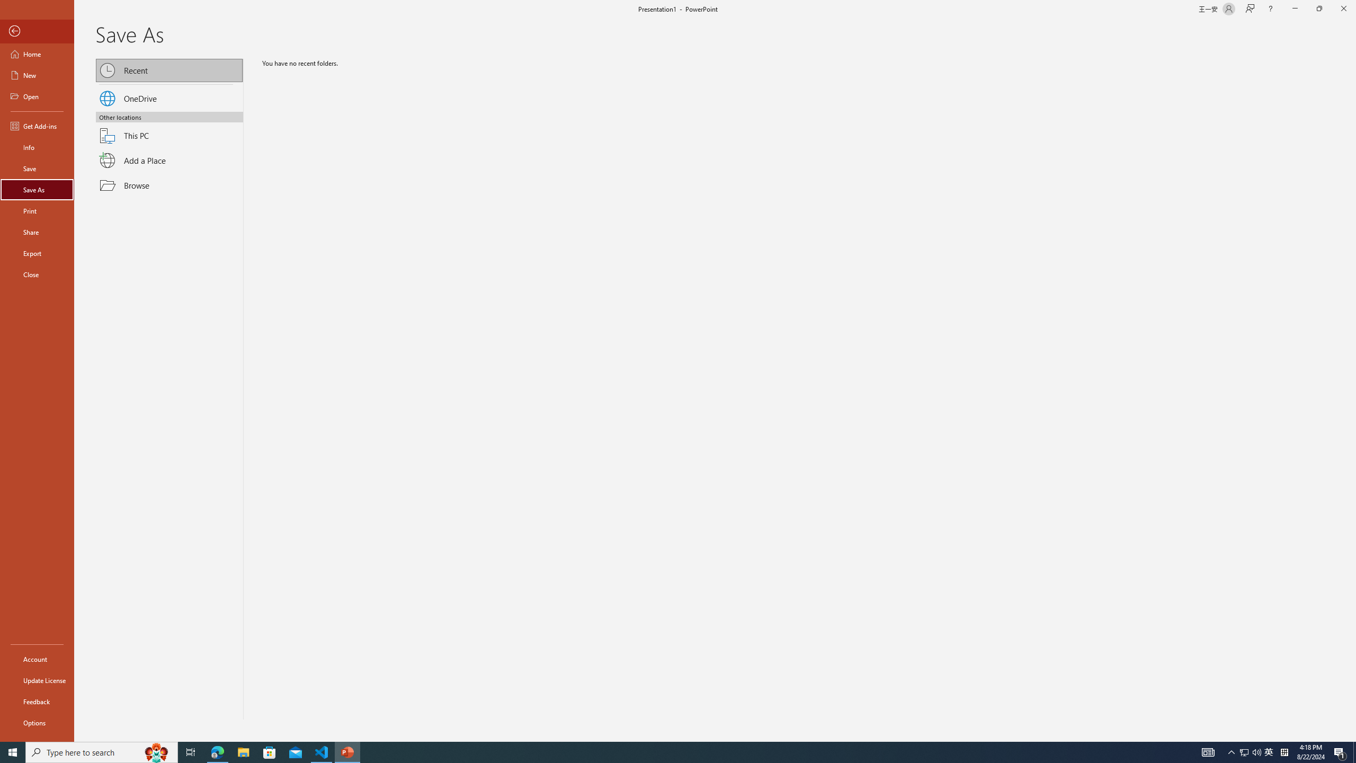 The image size is (1356, 763). Describe the element at coordinates (37, 189) in the screenshot. I see `'Save As'` at that location.